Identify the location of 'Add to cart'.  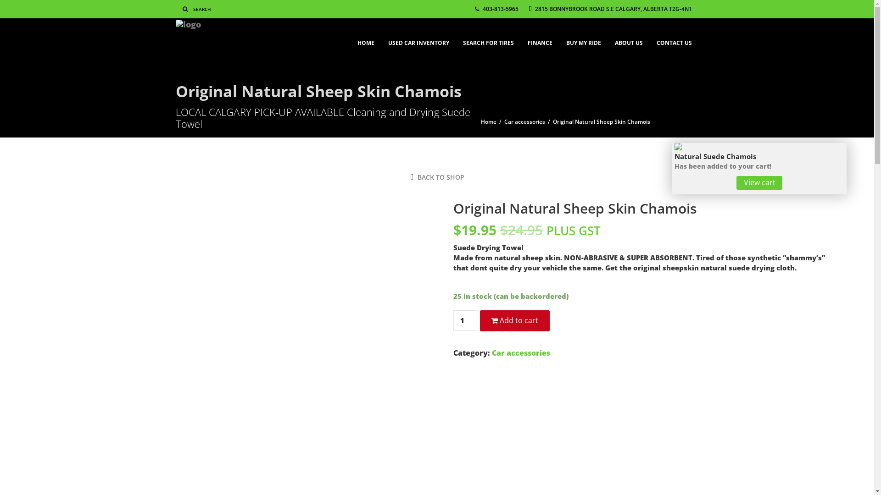
(515, 320).